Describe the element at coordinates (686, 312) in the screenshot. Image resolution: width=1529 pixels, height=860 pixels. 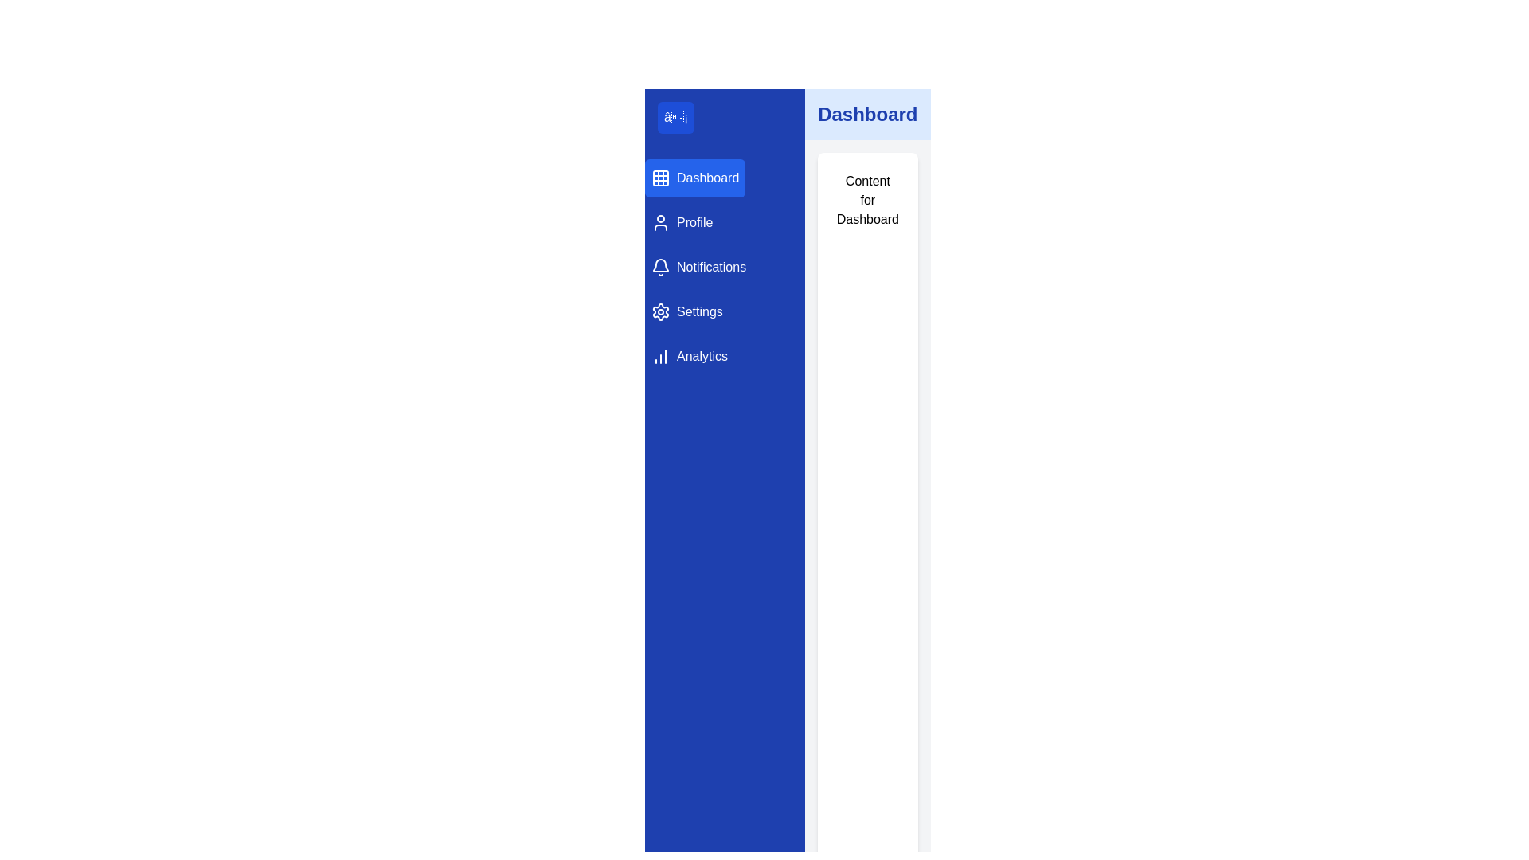
I see `the navigation button in the vertical menu on the left side, fourth from the top` at that location.